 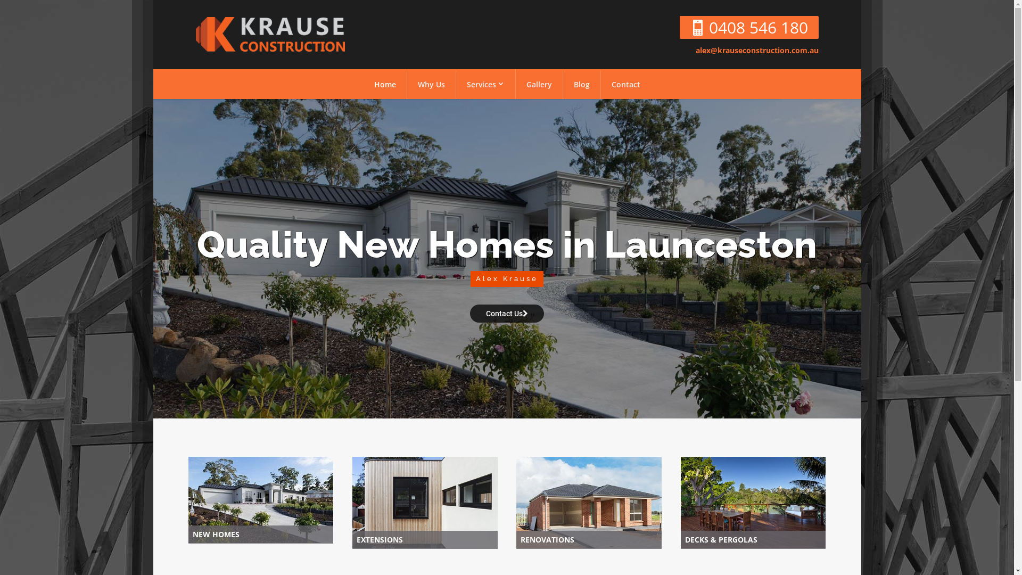 What do you see at coordinates (484, 84) in the screenshot?
I see `'Services'` at bounding box center [484, 84].